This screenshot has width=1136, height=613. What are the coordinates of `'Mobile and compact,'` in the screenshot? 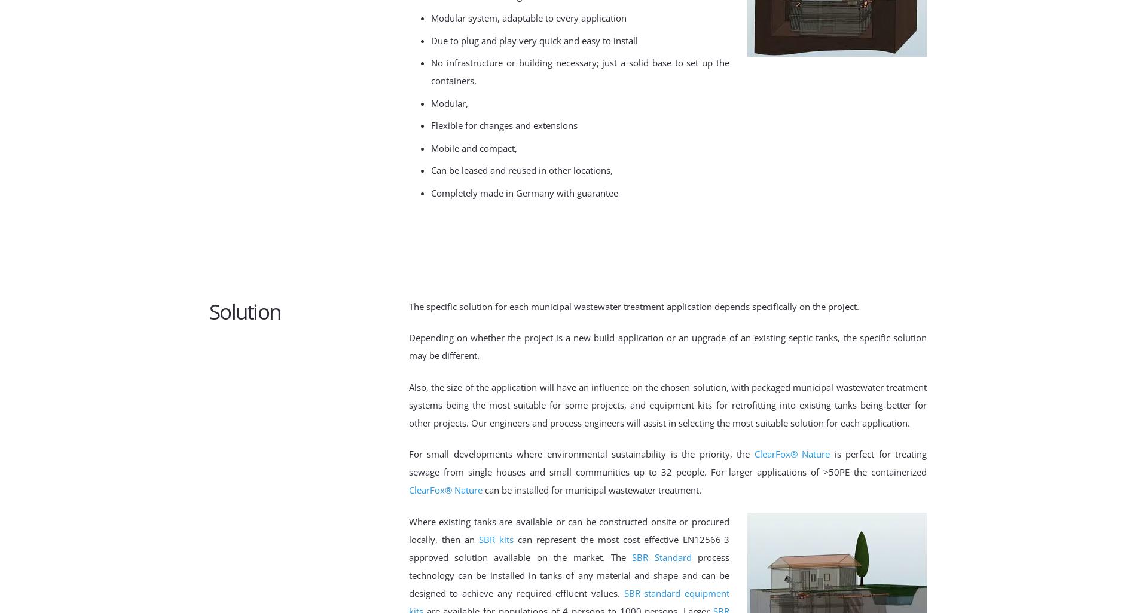 It's located at (430, 147).